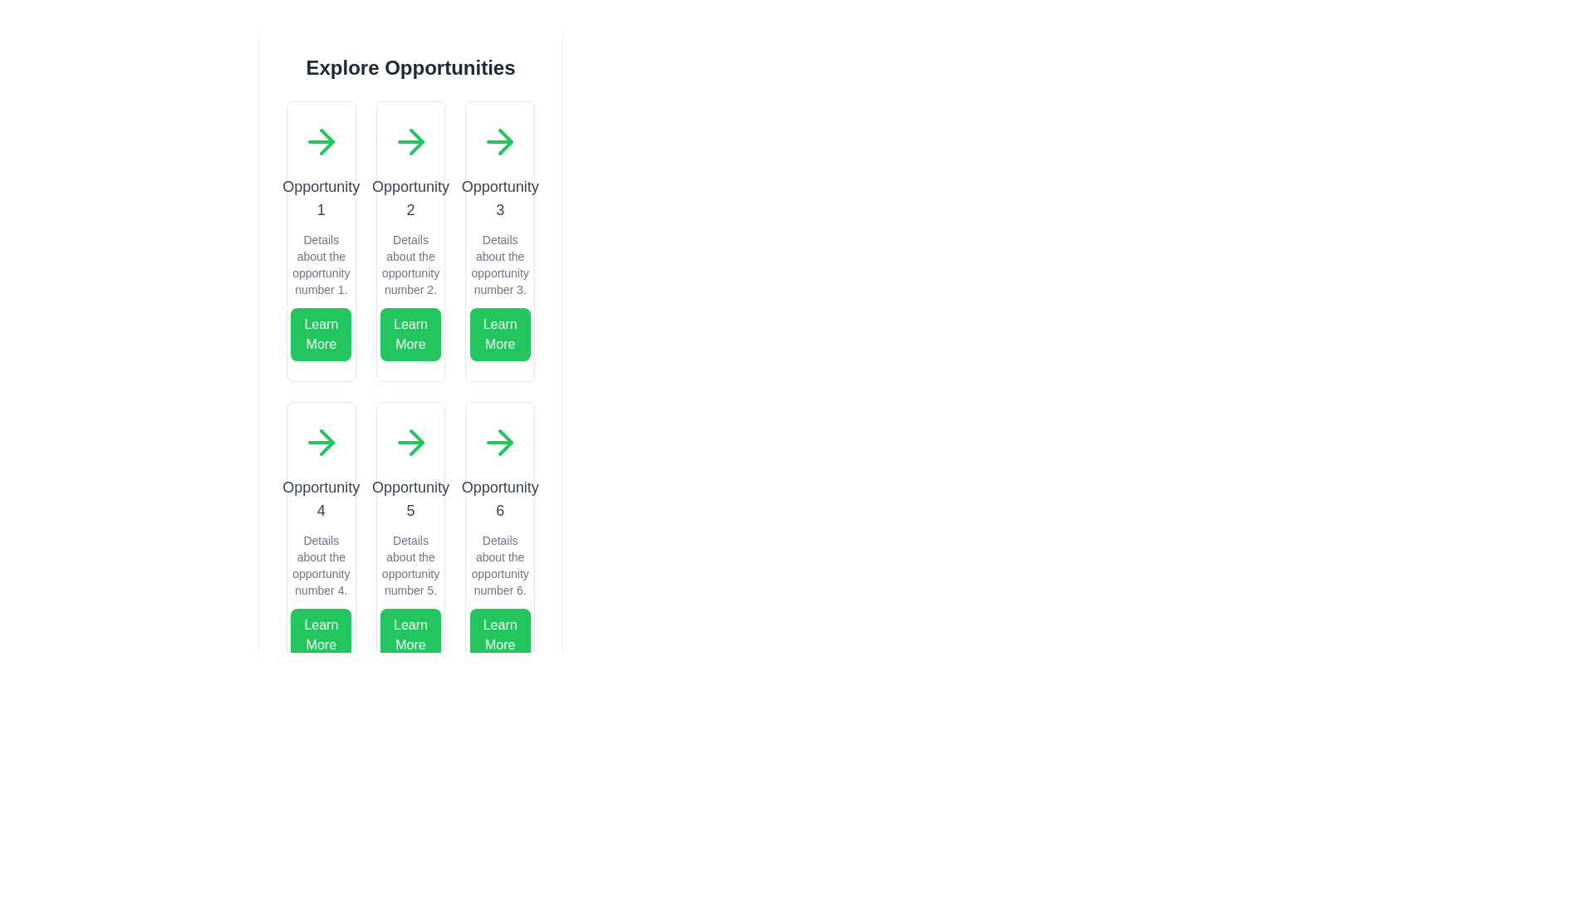  I want to click on the call-to-action button located below the description text 'Details about the opportunity number 3' in the top-right corner of the interface grid layout, so click(499, 334).